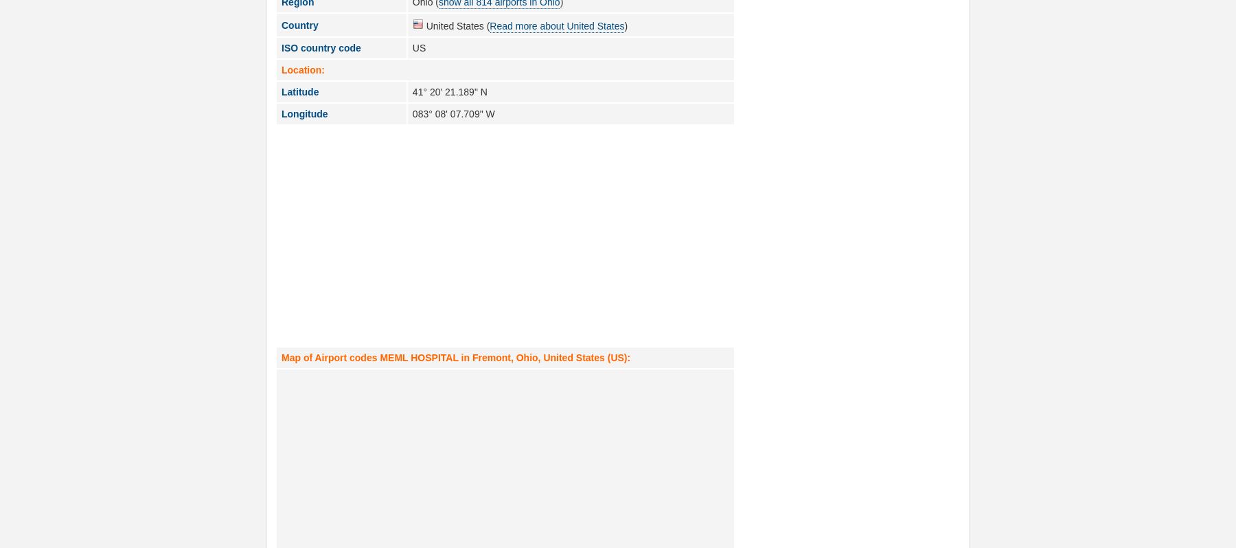 Image resolution: width=1236 pixels, height=548 pixels. I want to click on 'US', so click(419, 47).